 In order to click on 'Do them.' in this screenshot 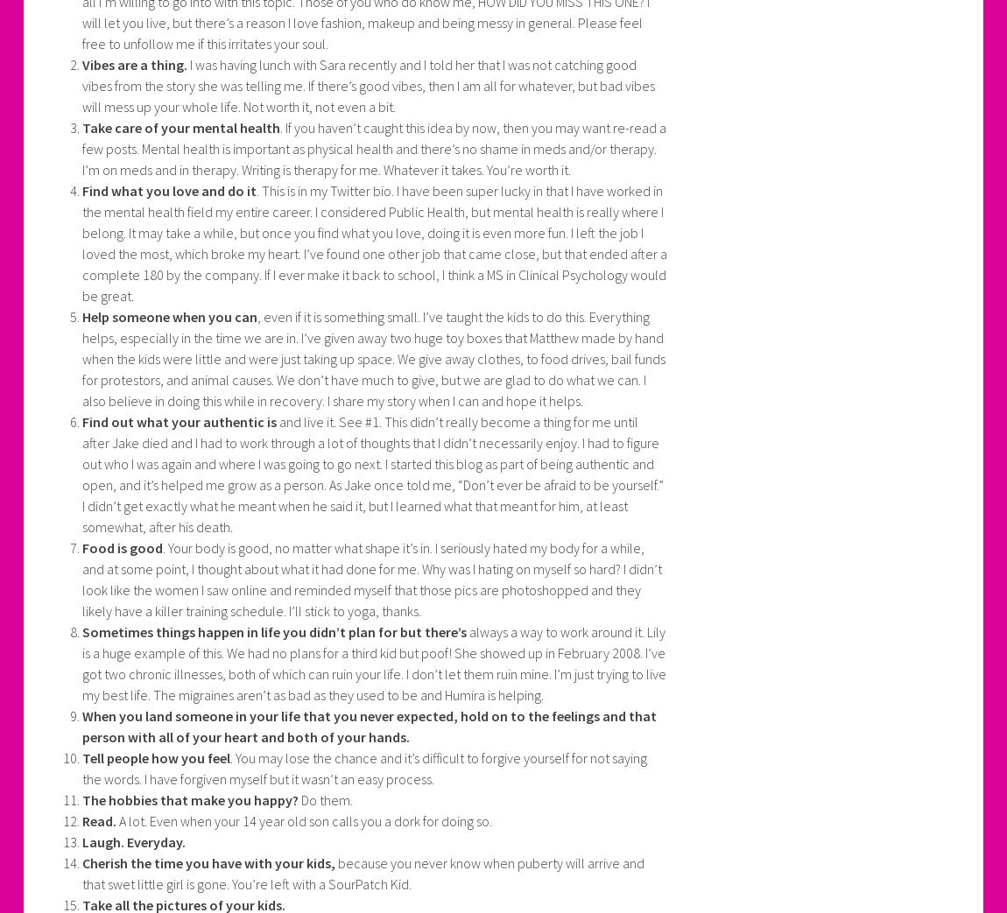, I will do `click(324, 798)`.